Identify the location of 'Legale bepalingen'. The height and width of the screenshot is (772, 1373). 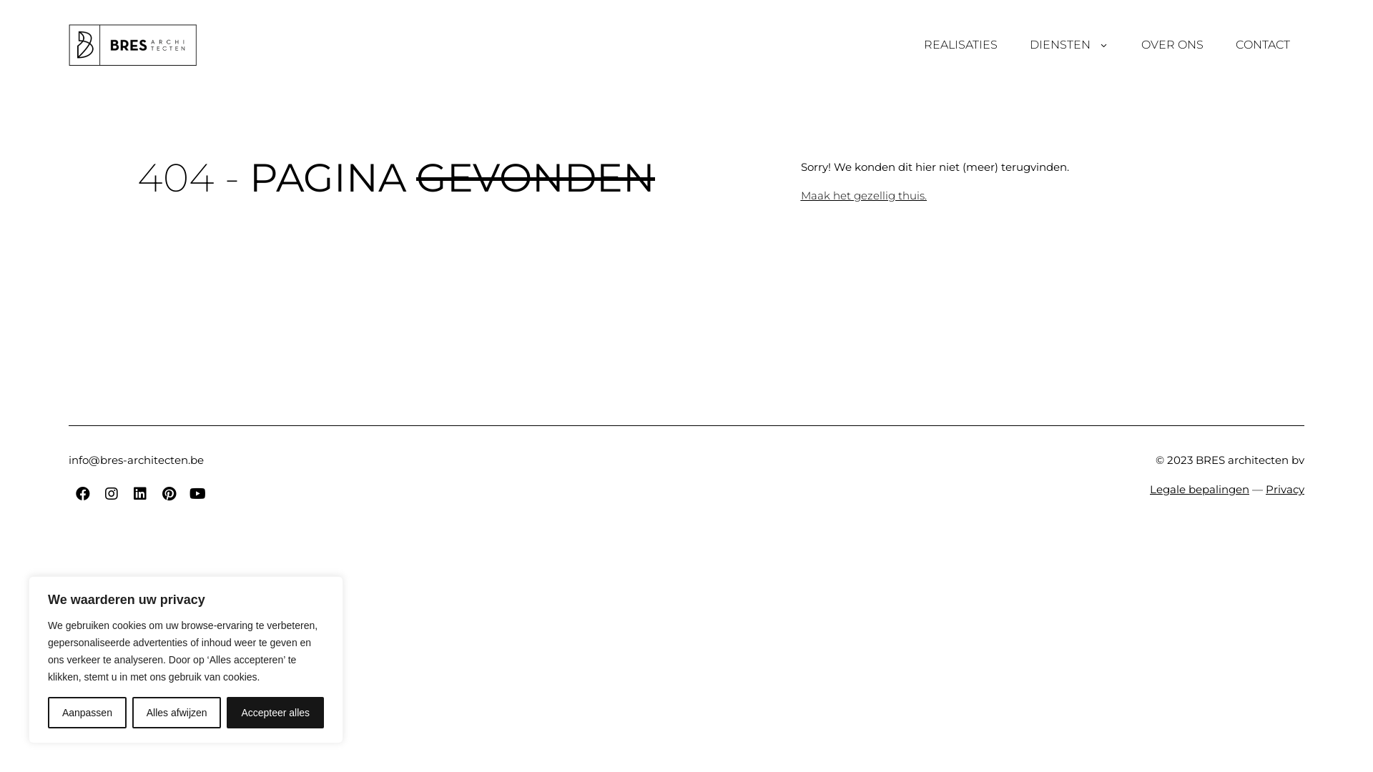
(1199, 488).